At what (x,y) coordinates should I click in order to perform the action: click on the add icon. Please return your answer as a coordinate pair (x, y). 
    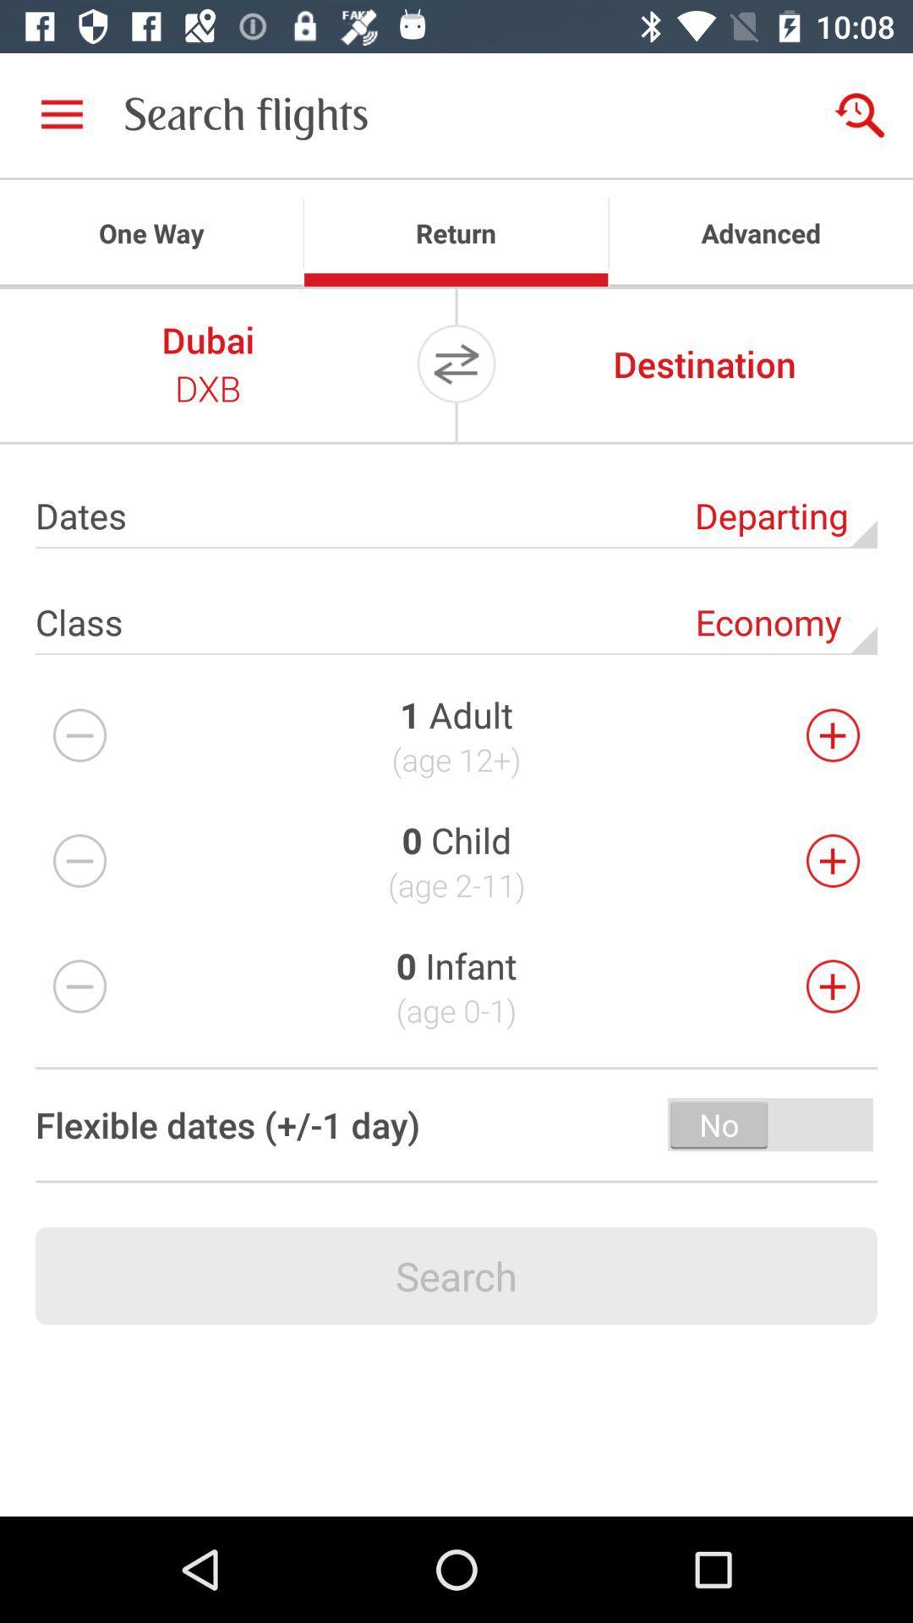
    Looking at the image, I should click on (832, 735).